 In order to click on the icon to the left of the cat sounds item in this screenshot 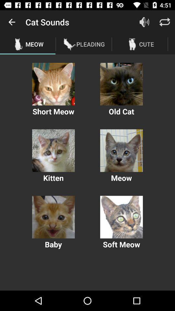, I will do `click(12, 22)`.